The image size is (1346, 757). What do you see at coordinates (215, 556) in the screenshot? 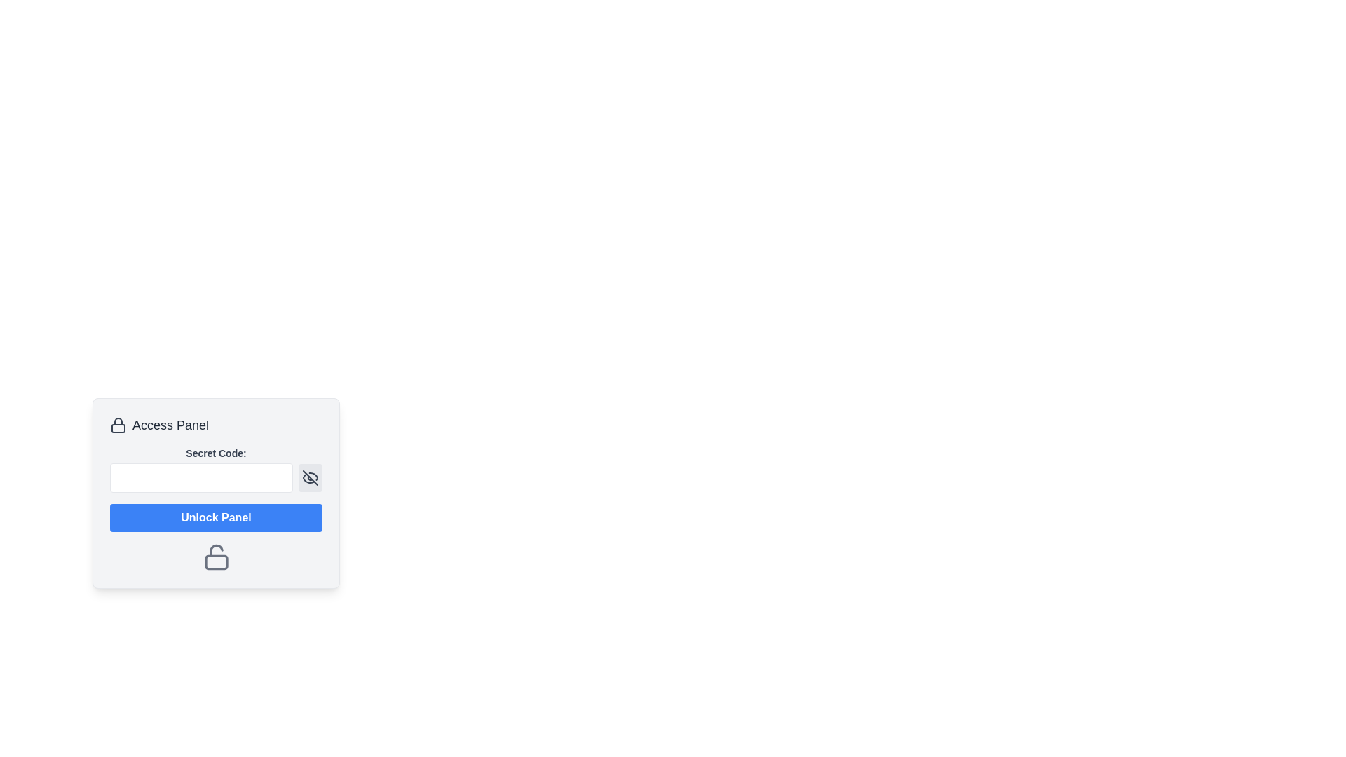
I see `the open lock icon, which is styled in gray and has a simplistic design, indicating an unlocked state` at bounding box center [215, 556].